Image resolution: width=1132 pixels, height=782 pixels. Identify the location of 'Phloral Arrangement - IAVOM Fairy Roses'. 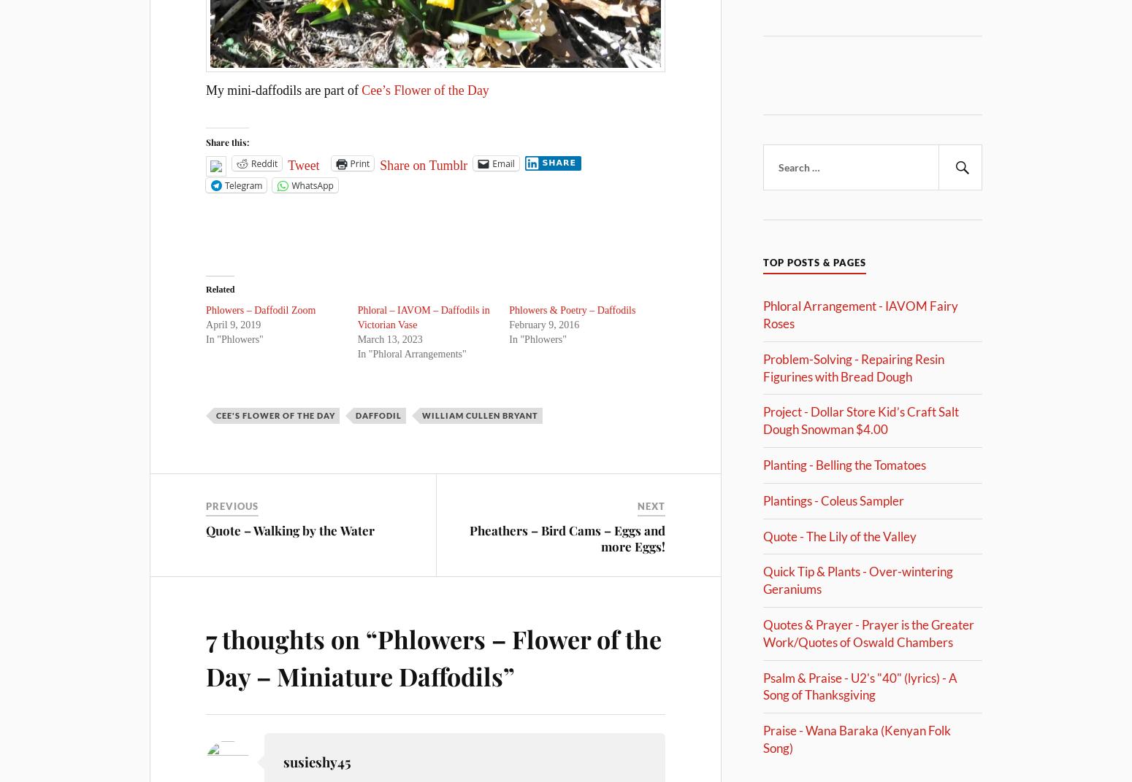
(860, 314).